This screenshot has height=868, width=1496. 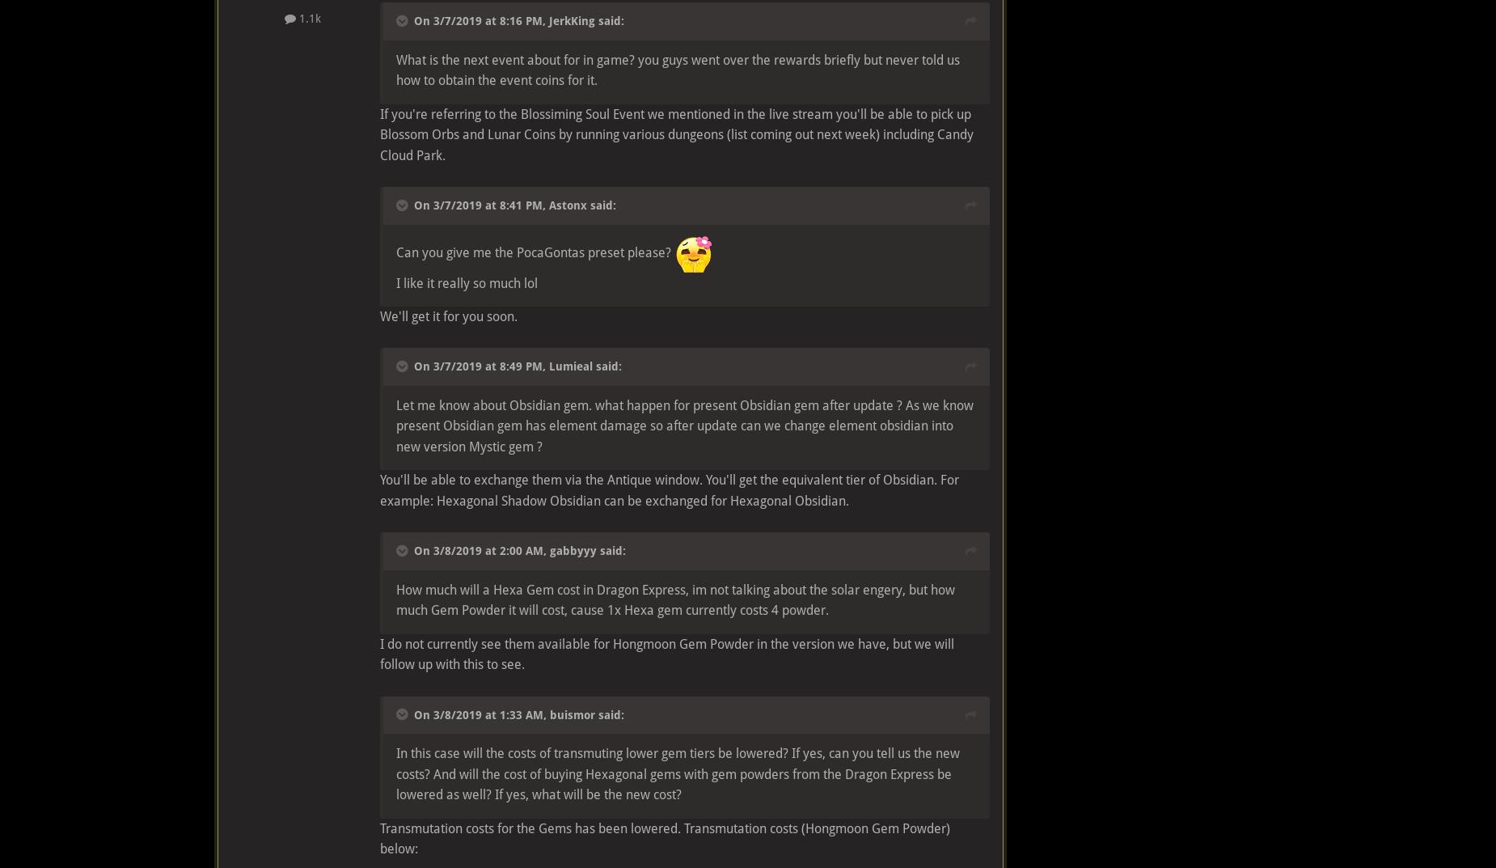 I want to click on 'I like it really so much lol', so click(x=467, y=282).